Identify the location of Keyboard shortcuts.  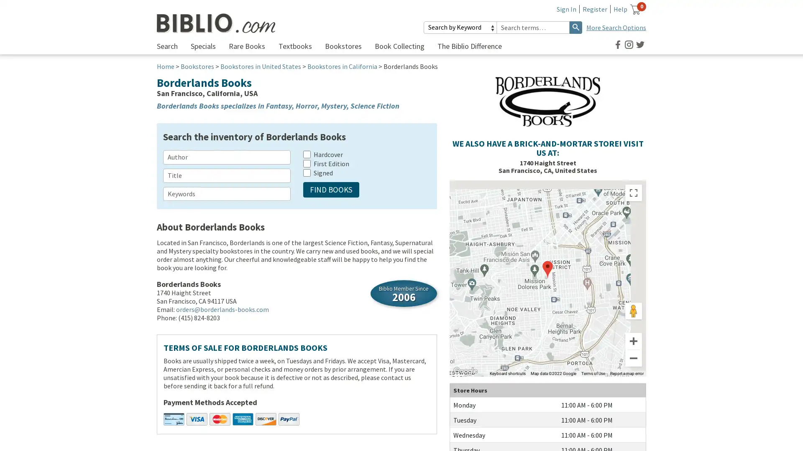
(507, 373).